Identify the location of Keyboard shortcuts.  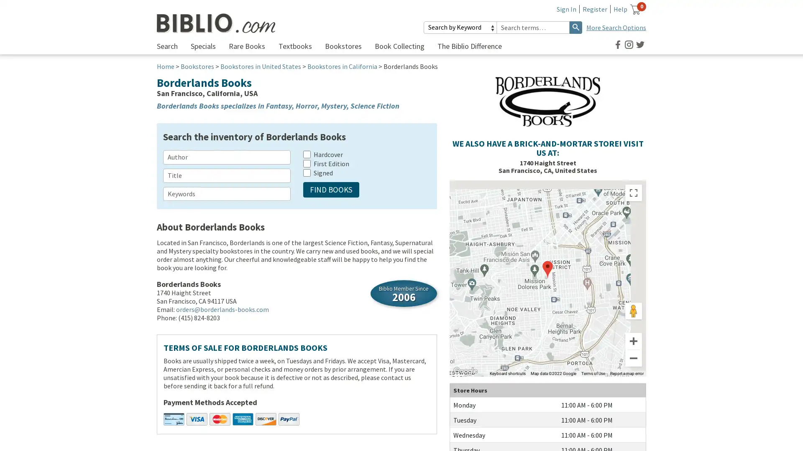
(507, 373).